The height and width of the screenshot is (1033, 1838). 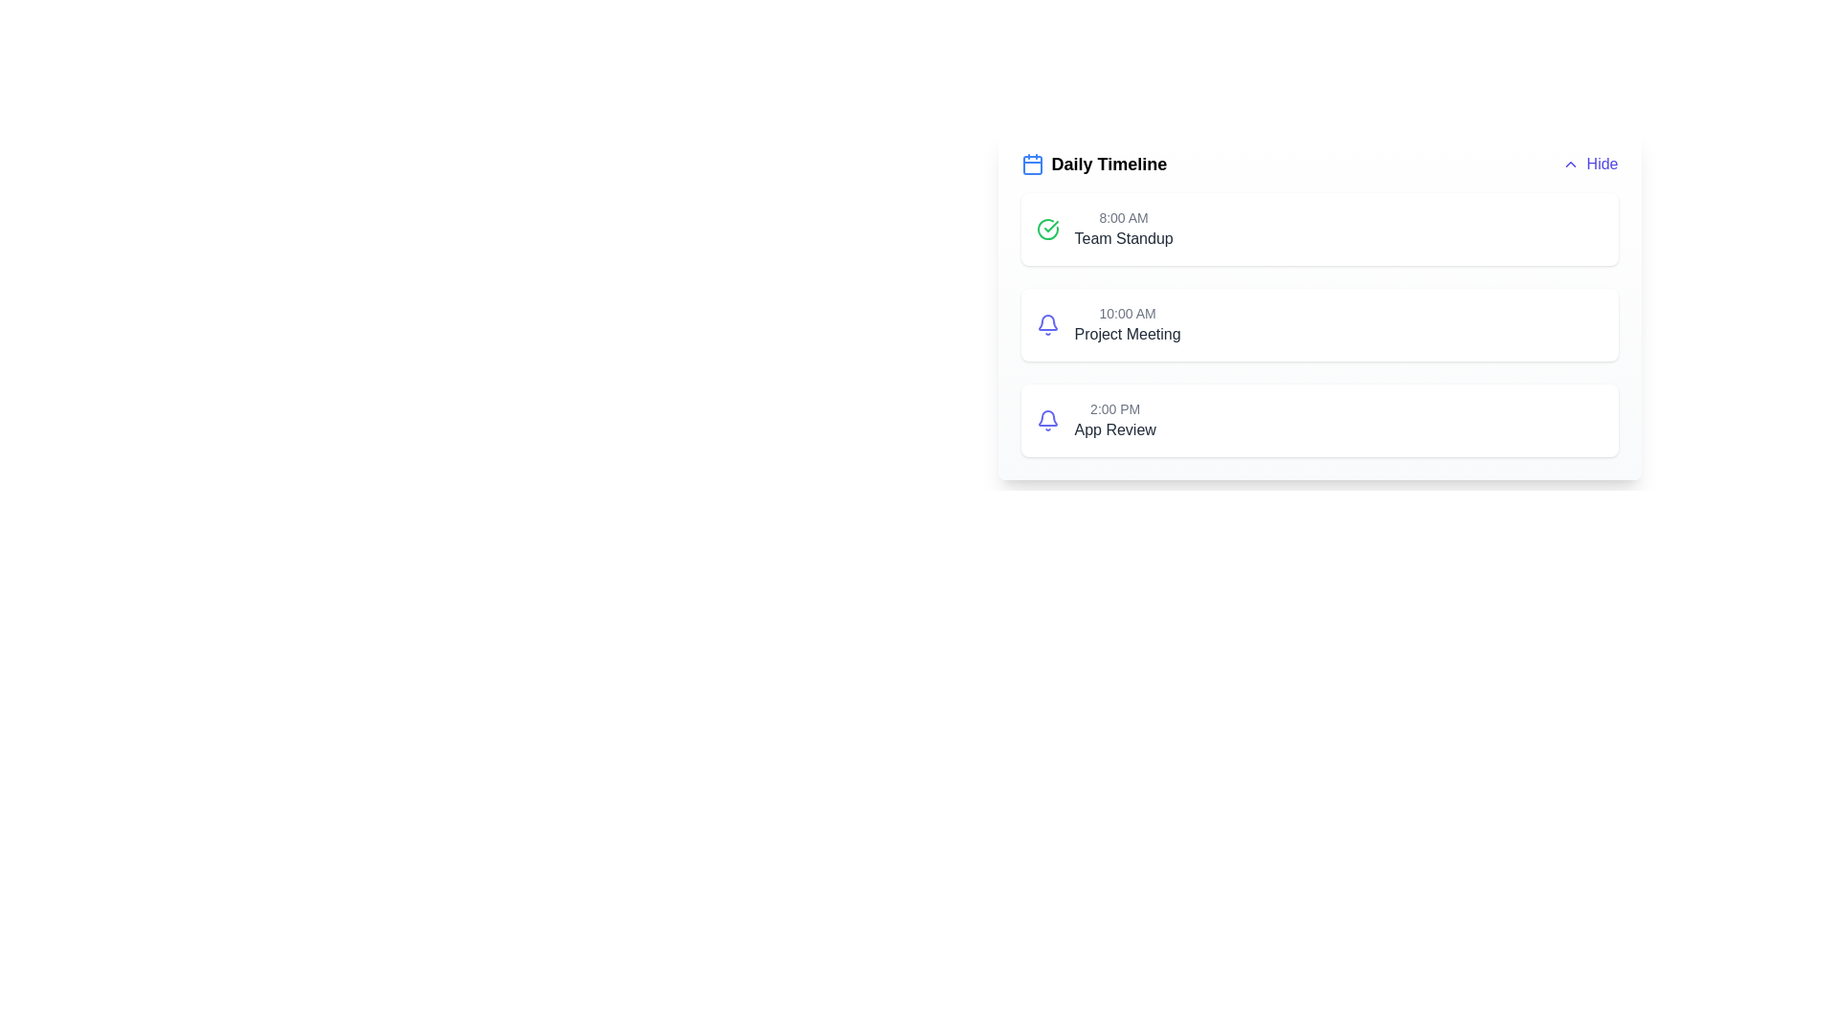 I want to click on text label 'Team Standup' displayed in gray color as part of the 'Daily Timeline' interface, located at the specified coordinates, so click(x=1124, y=238).